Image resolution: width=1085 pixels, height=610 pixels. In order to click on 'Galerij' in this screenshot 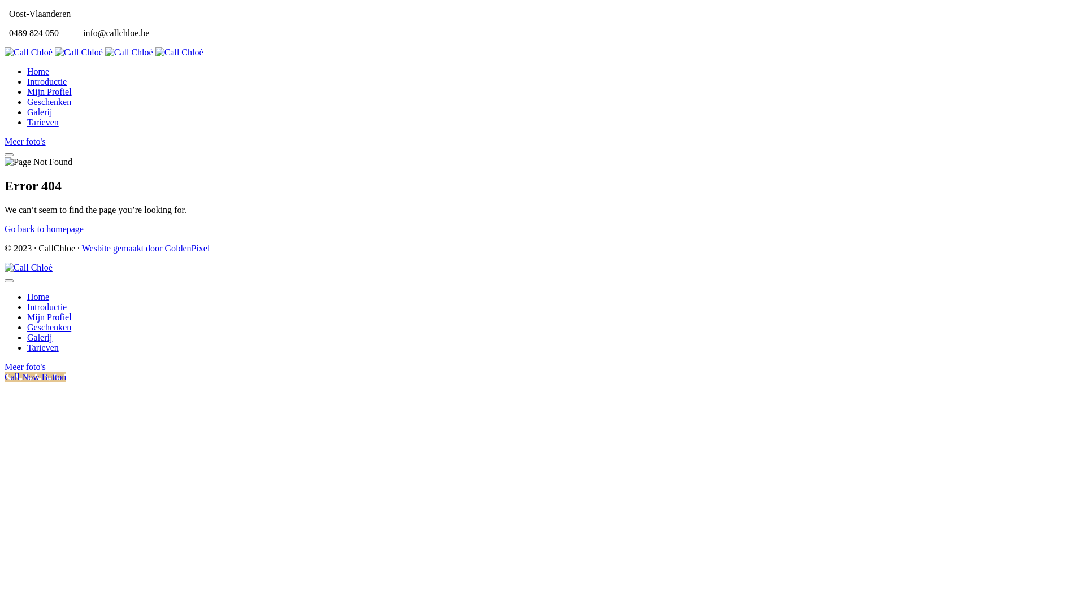, I will do `click(40, 337)`.